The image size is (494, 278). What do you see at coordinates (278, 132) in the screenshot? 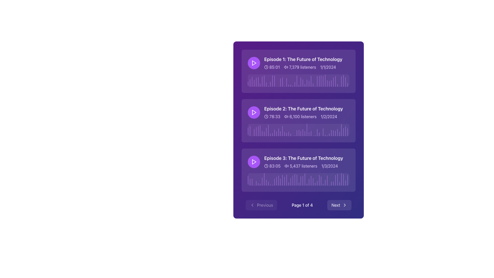
I see `the visual marker or progress indicator within the second waveform progress bar, which indicates the current playback position in the audio` at bounding box center [278, 132].